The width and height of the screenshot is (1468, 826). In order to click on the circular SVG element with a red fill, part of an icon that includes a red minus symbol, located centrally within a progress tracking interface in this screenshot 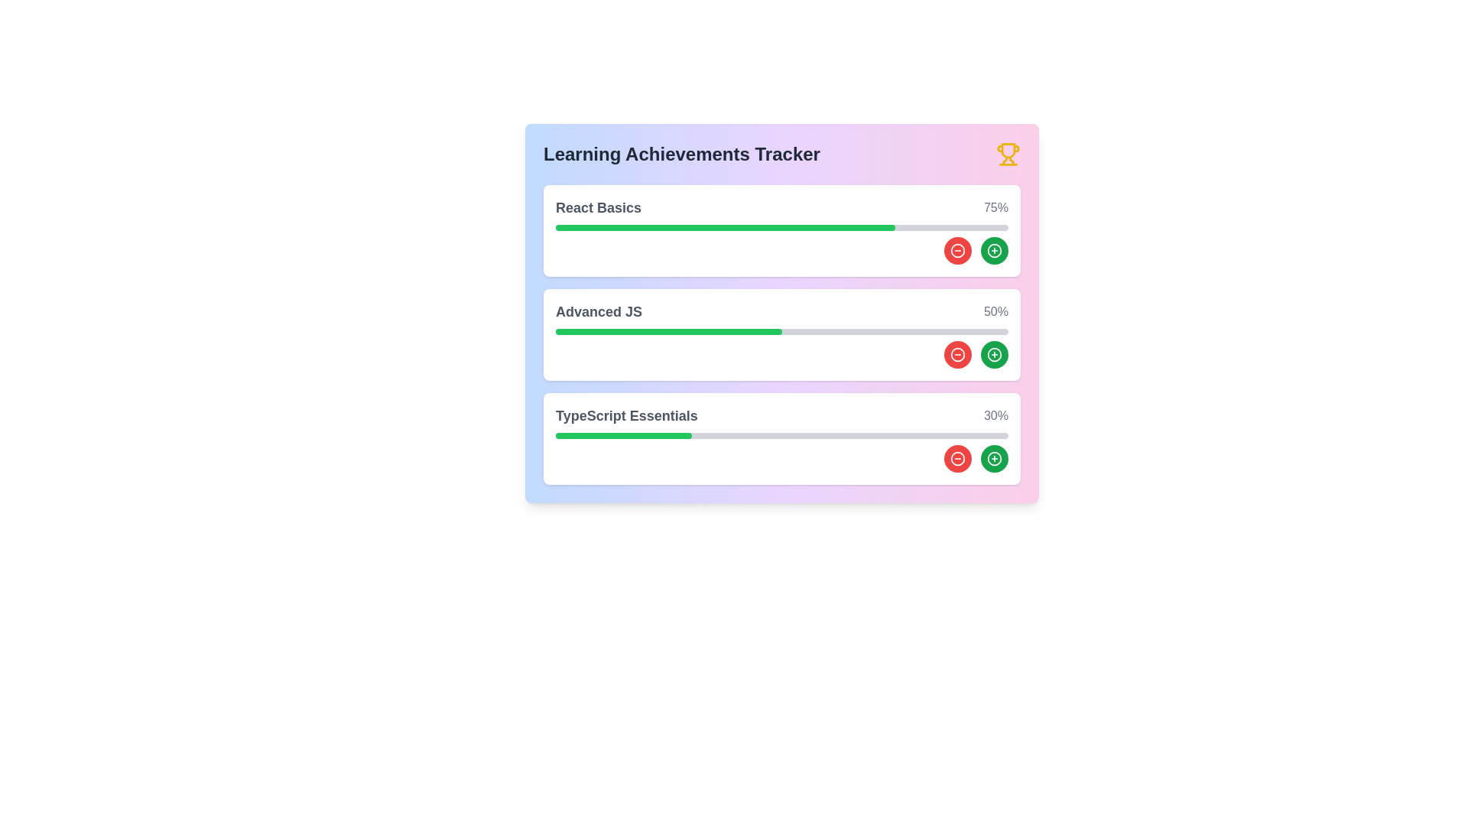, I will do `click(956, 354)`.